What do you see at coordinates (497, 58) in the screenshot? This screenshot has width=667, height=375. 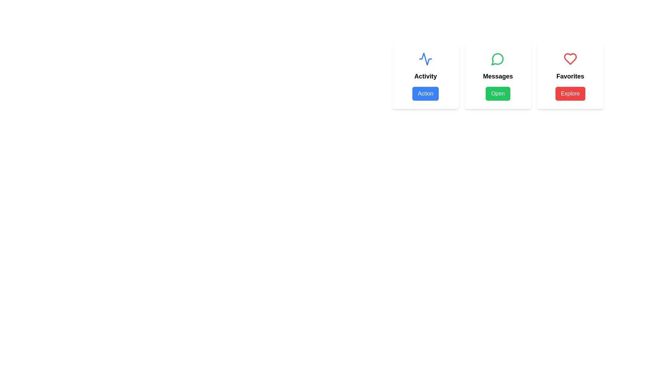 I see `the circular chat bubble icon with a green outline located above the 'Messages' text and adjacent to the 'Open' button` at bounding box center [497, 58].